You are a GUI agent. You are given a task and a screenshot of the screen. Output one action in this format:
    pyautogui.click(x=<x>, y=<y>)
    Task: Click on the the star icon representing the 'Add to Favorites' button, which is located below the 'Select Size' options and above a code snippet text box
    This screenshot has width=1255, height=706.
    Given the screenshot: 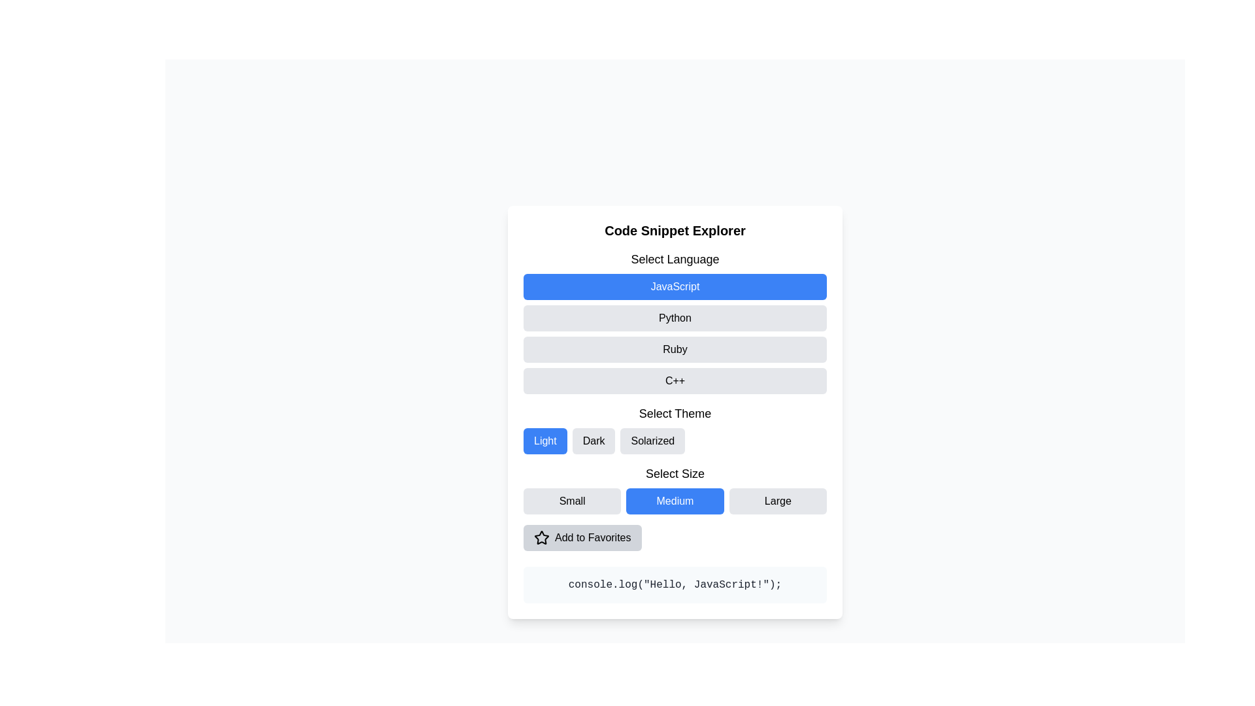 What is the action you would take?
    pyautogui.click(x=542, y=537)
    